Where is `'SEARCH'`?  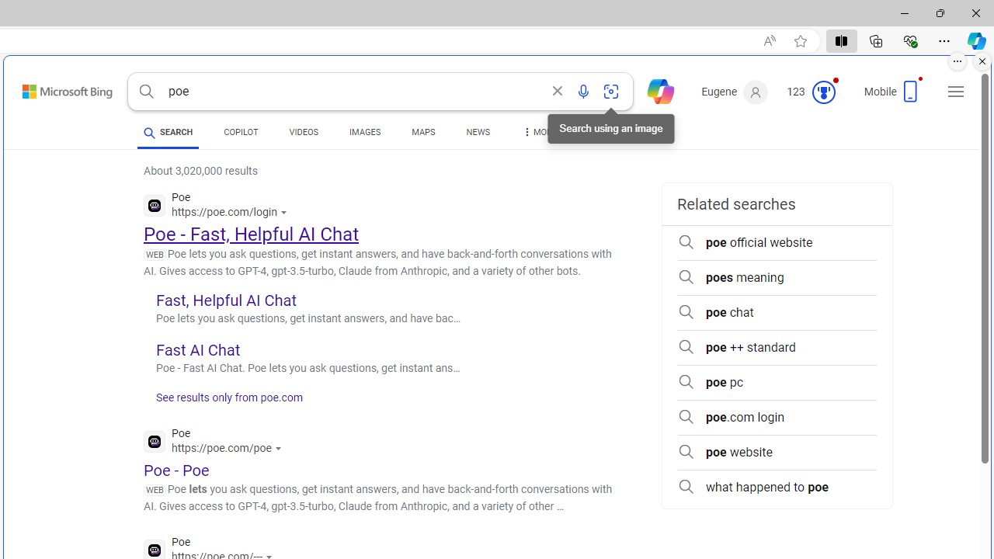 'SEARCH' is located at coordinates (168, 131).